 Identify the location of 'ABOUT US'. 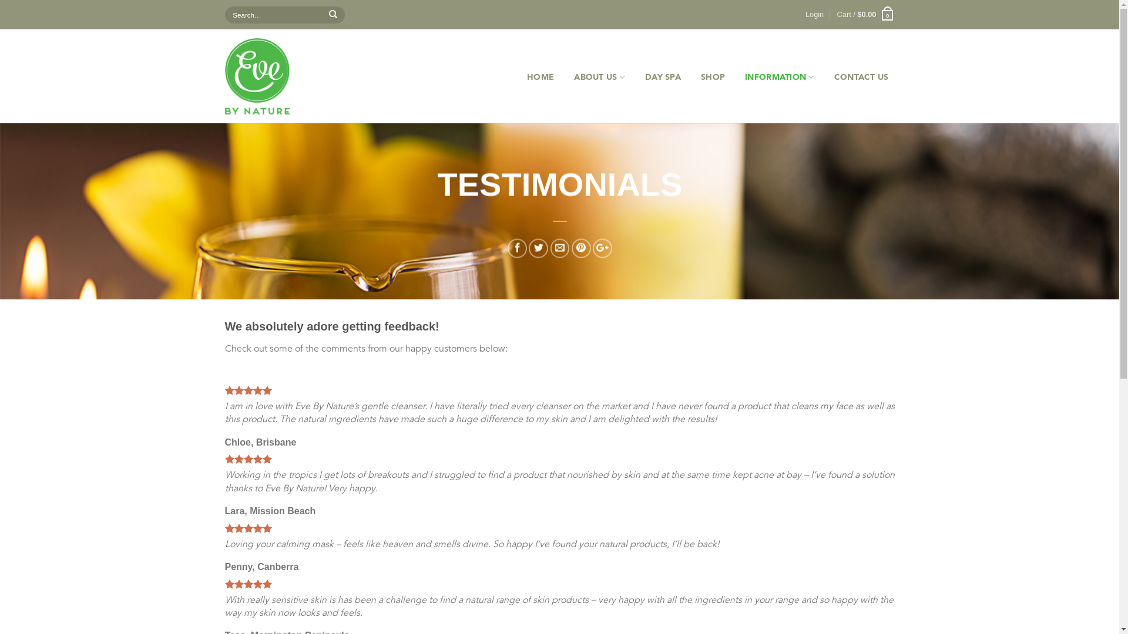
(599, 77).